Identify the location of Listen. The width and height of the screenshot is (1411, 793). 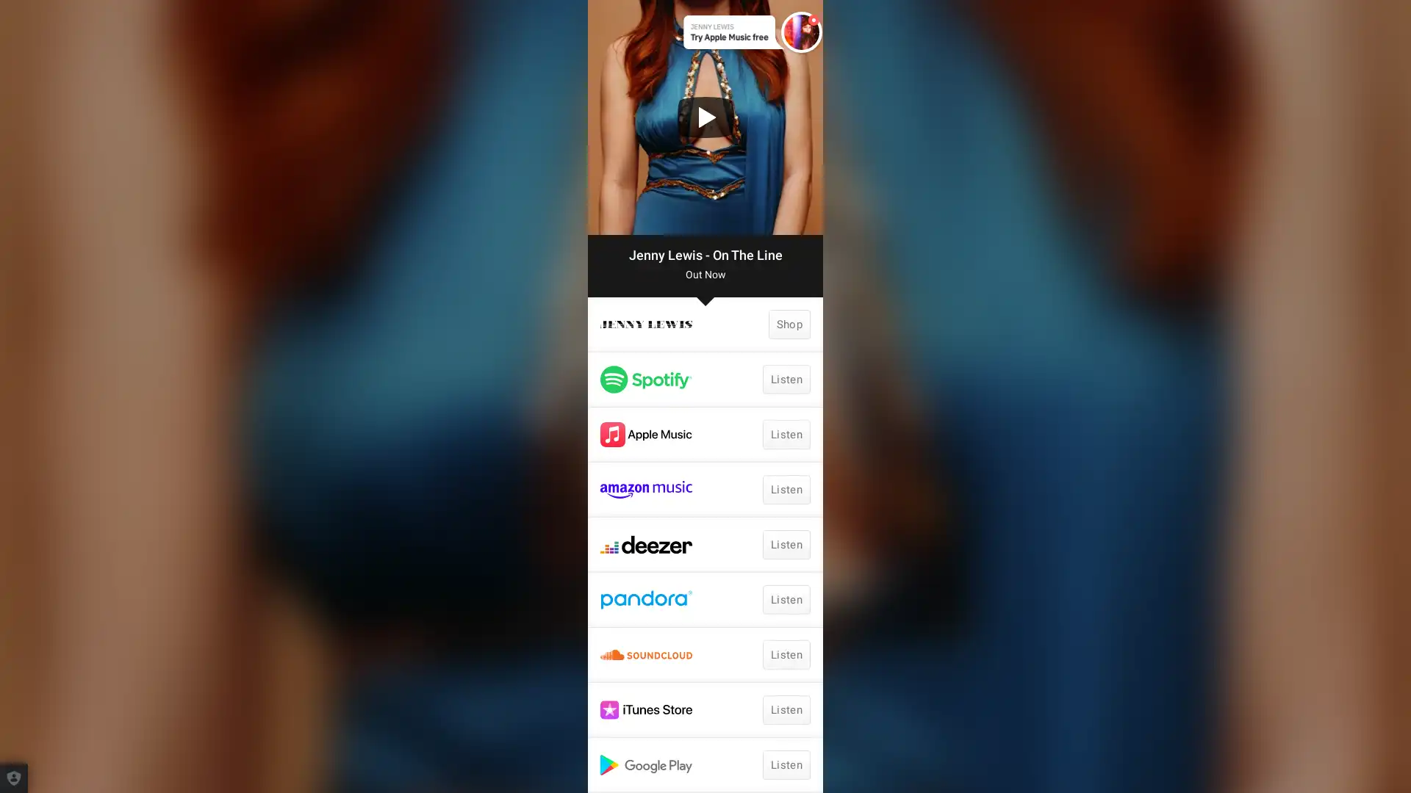
(786, 378).